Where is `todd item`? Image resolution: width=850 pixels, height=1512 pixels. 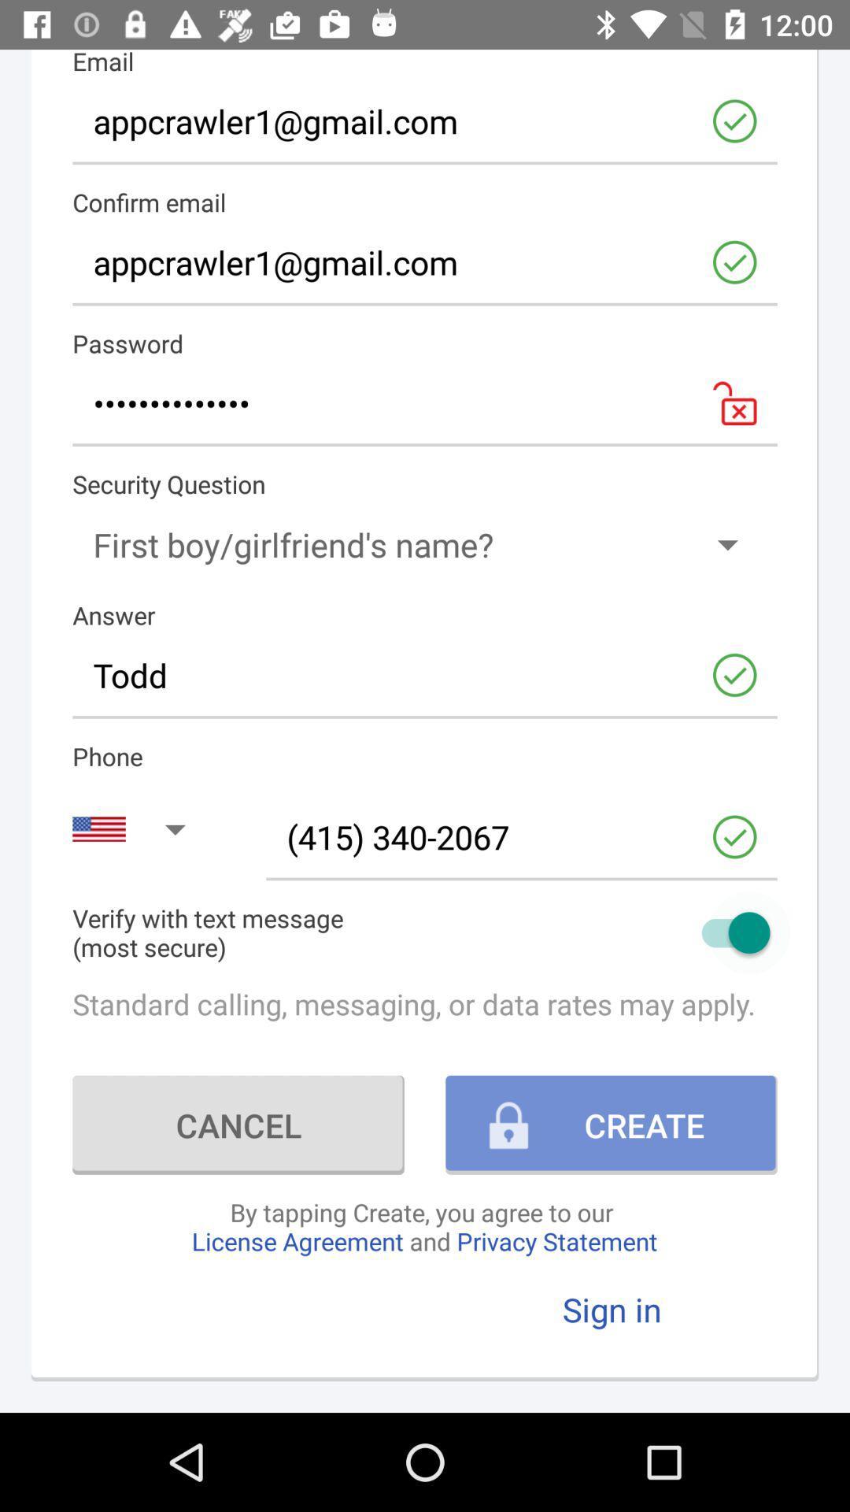
todd item is located at coordinates (425, 675).